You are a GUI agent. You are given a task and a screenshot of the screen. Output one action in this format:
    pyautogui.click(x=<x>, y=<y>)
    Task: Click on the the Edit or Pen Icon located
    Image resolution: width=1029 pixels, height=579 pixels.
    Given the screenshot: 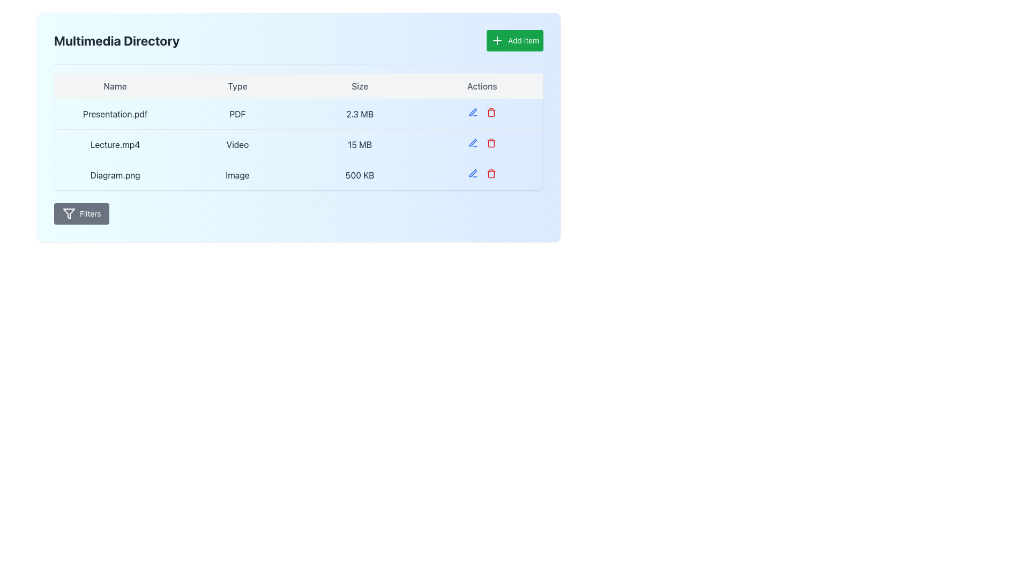 What is the action you would take?
    pyautogui.click(x=472, y=142)
    